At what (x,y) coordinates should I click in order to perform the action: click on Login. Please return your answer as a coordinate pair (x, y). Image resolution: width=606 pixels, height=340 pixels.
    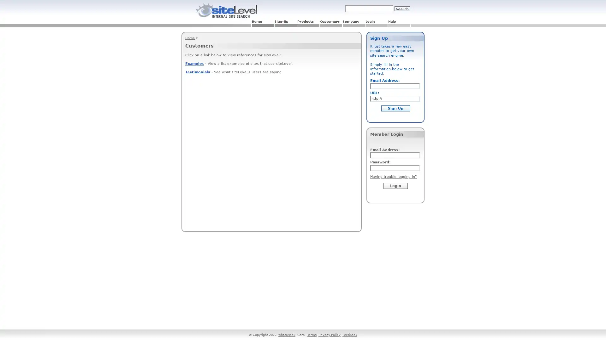
    Looking at the image, I should click on (395, 185).